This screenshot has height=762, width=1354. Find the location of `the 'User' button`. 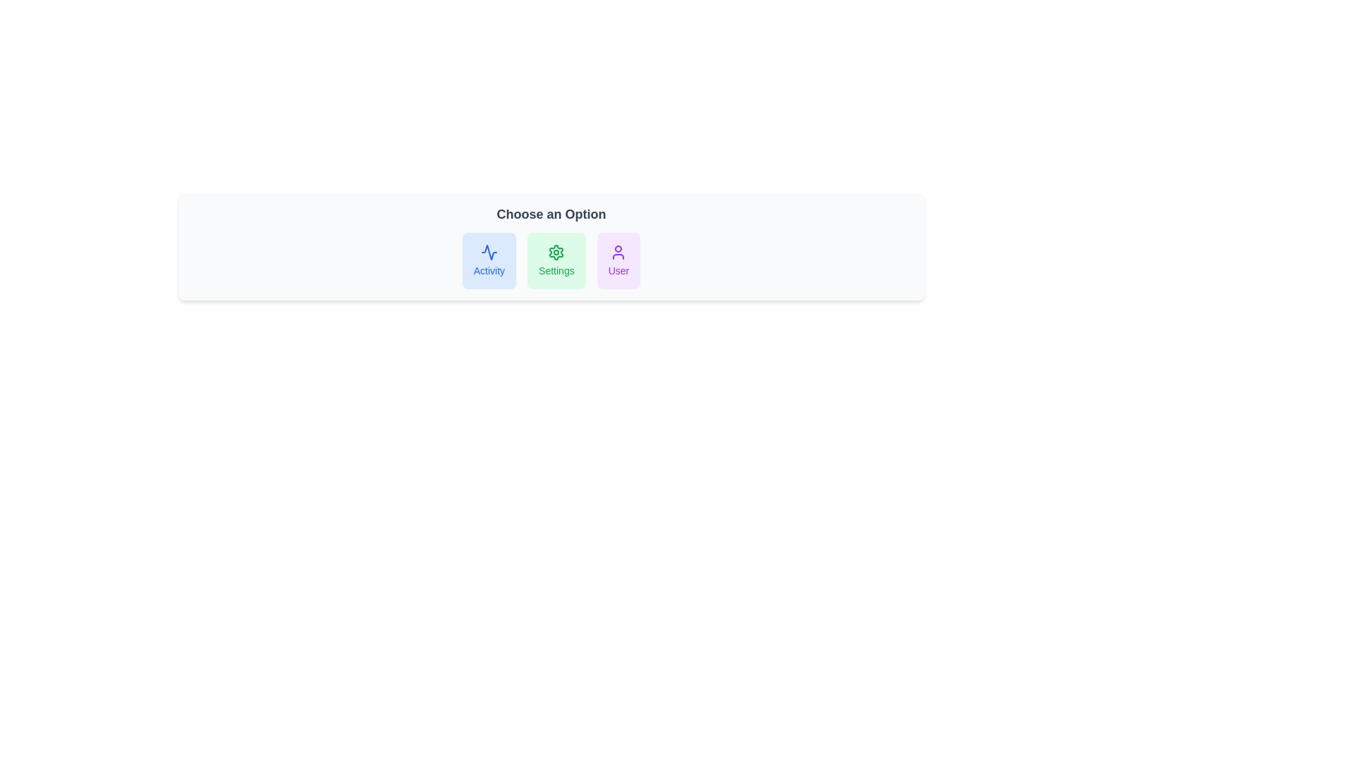

the 'User' button is located at coordinates (618, 261).